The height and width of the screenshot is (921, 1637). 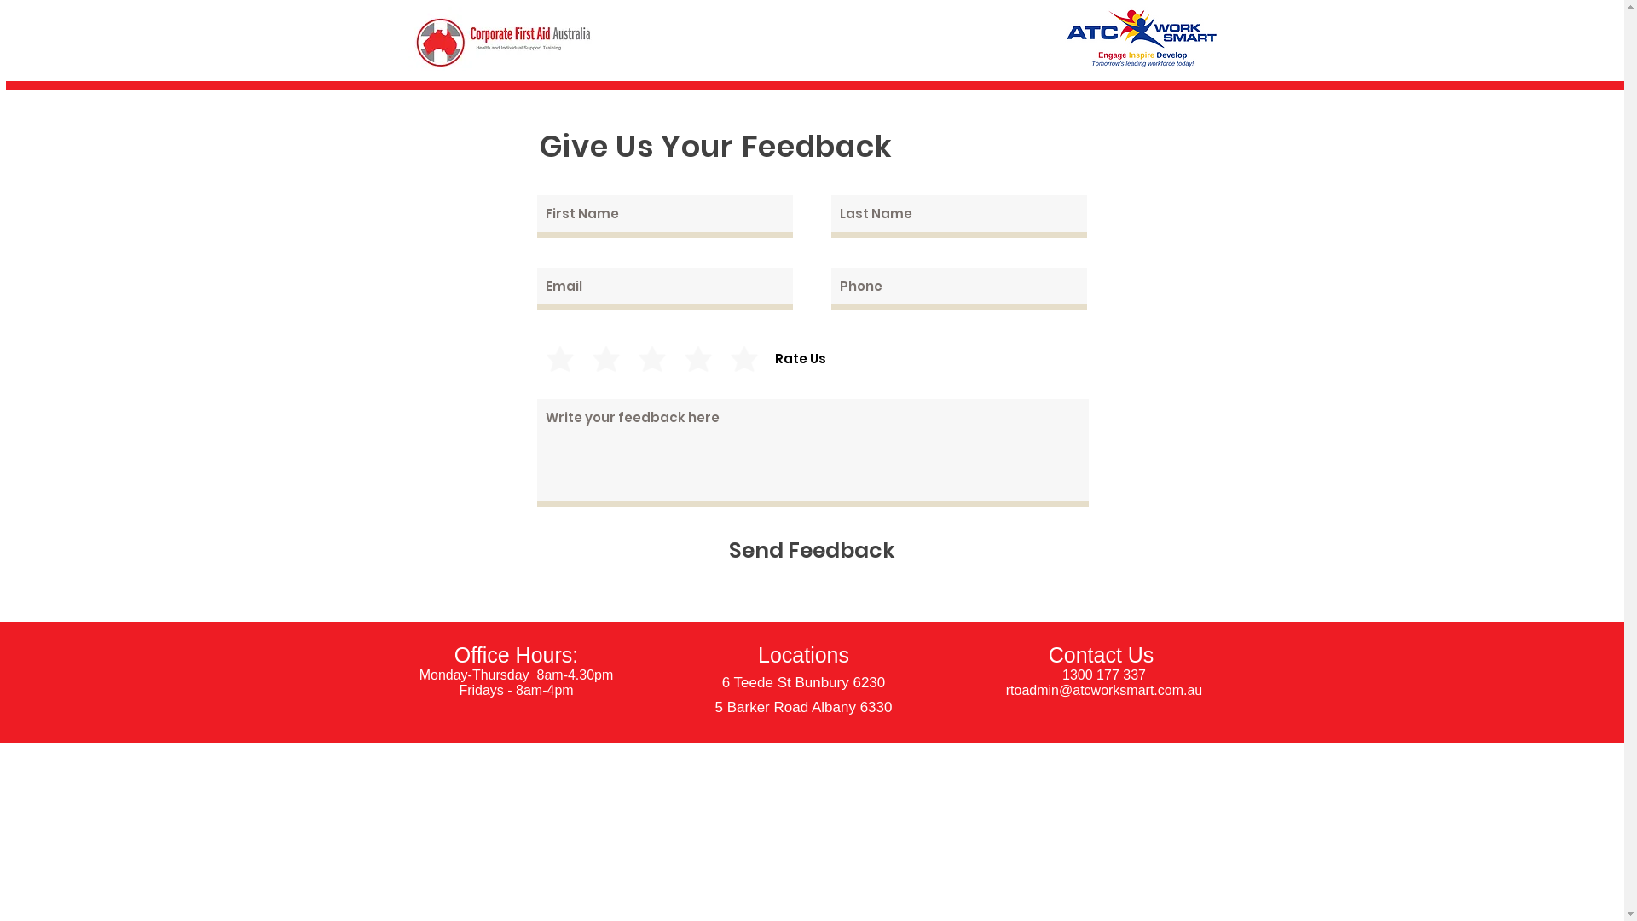 What do you see at coordinates (810, 550) in the screenshot?
I see `'Send Feedback'` at bounding box center [810, 550].